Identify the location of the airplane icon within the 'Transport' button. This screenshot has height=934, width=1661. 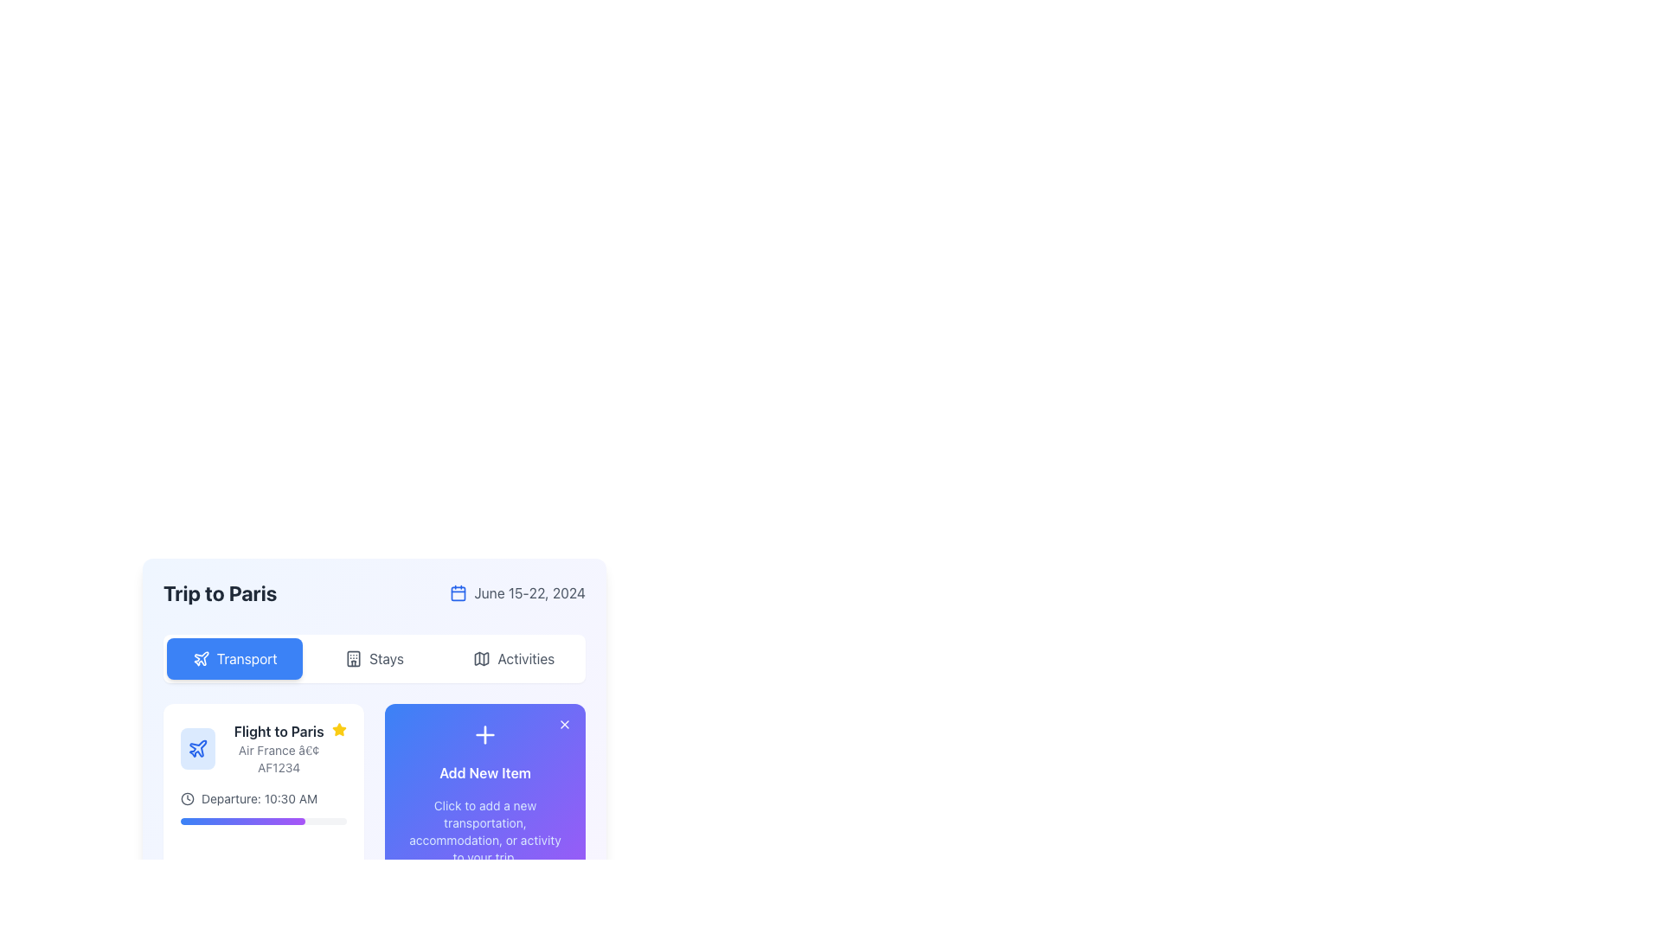
(201, 659).